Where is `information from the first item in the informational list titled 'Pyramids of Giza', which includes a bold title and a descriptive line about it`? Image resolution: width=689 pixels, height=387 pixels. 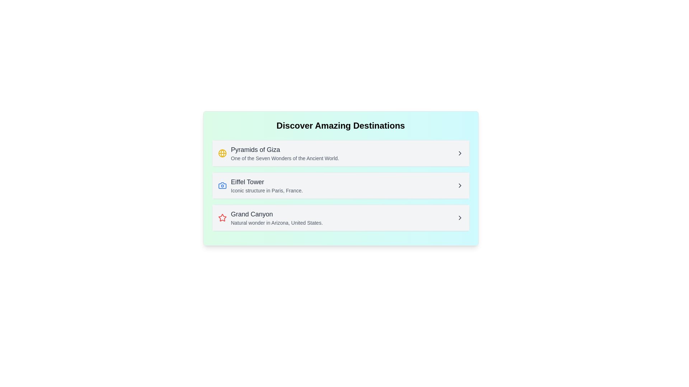 information from the first item in the informational list titled 'Pyramids of Giza', which includes a bold title and a descriptive line about it is located at coordinates (278, 153).